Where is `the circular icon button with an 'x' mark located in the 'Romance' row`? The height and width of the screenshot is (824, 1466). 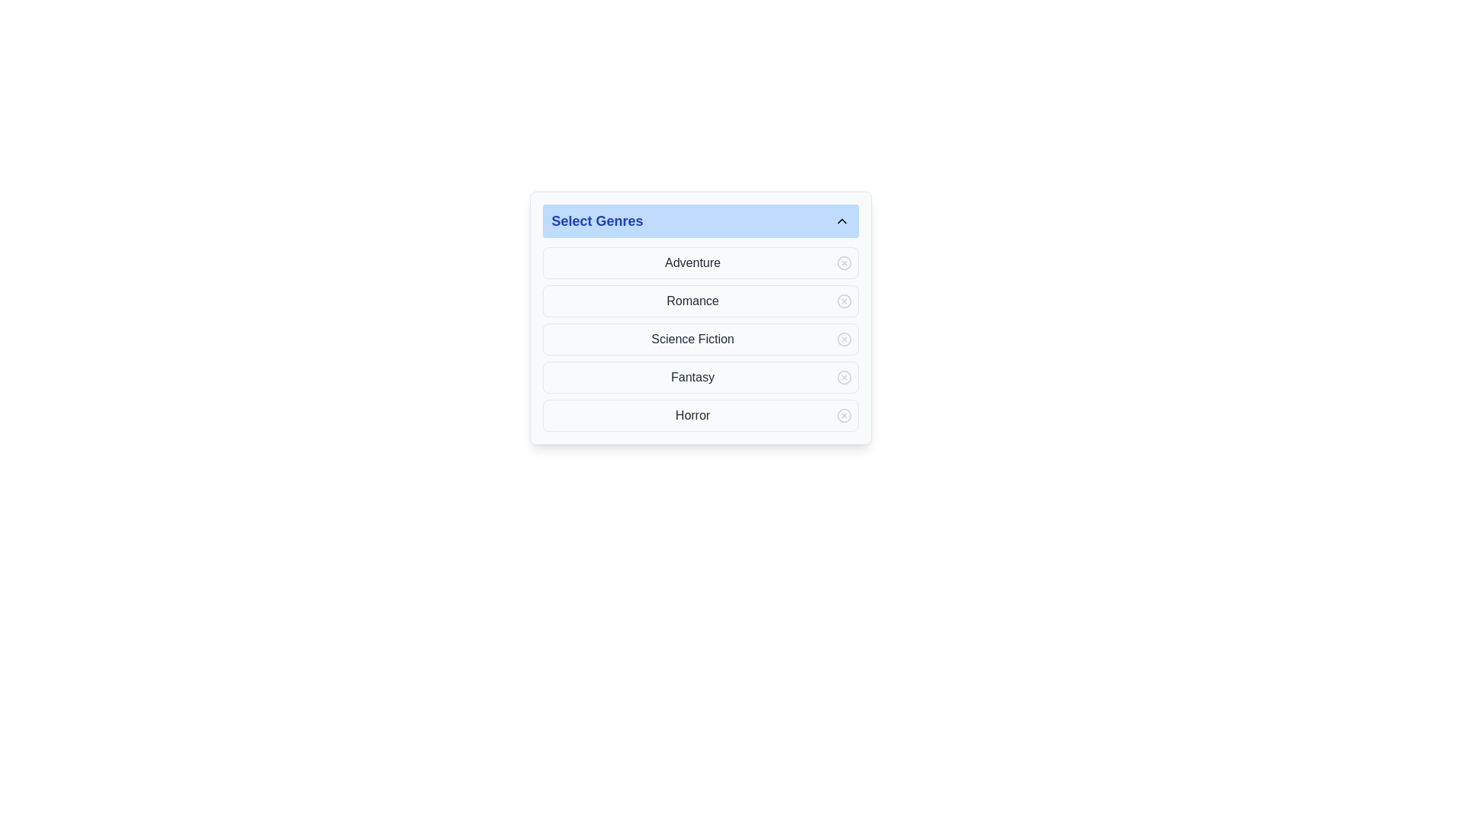 the circular icon button with an 'x' mark located in the 'Romance' row is located at coordinates (843, 301).